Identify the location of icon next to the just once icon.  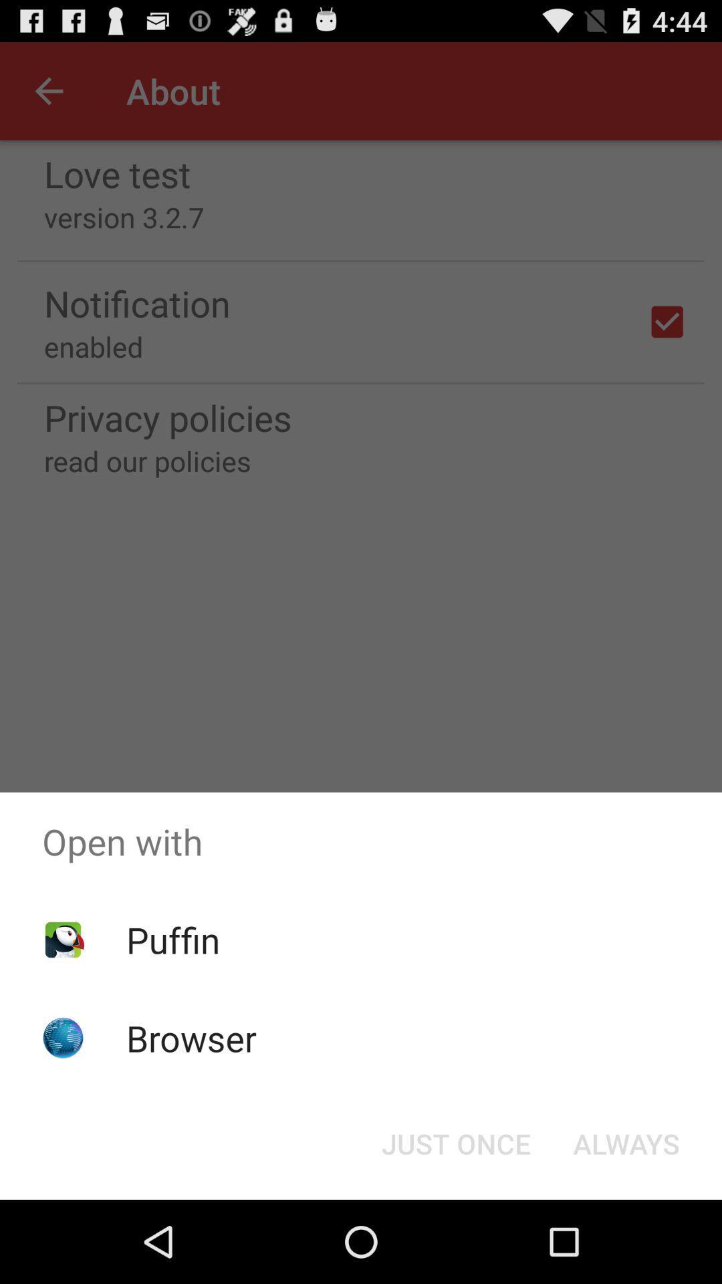
(626, 1142).